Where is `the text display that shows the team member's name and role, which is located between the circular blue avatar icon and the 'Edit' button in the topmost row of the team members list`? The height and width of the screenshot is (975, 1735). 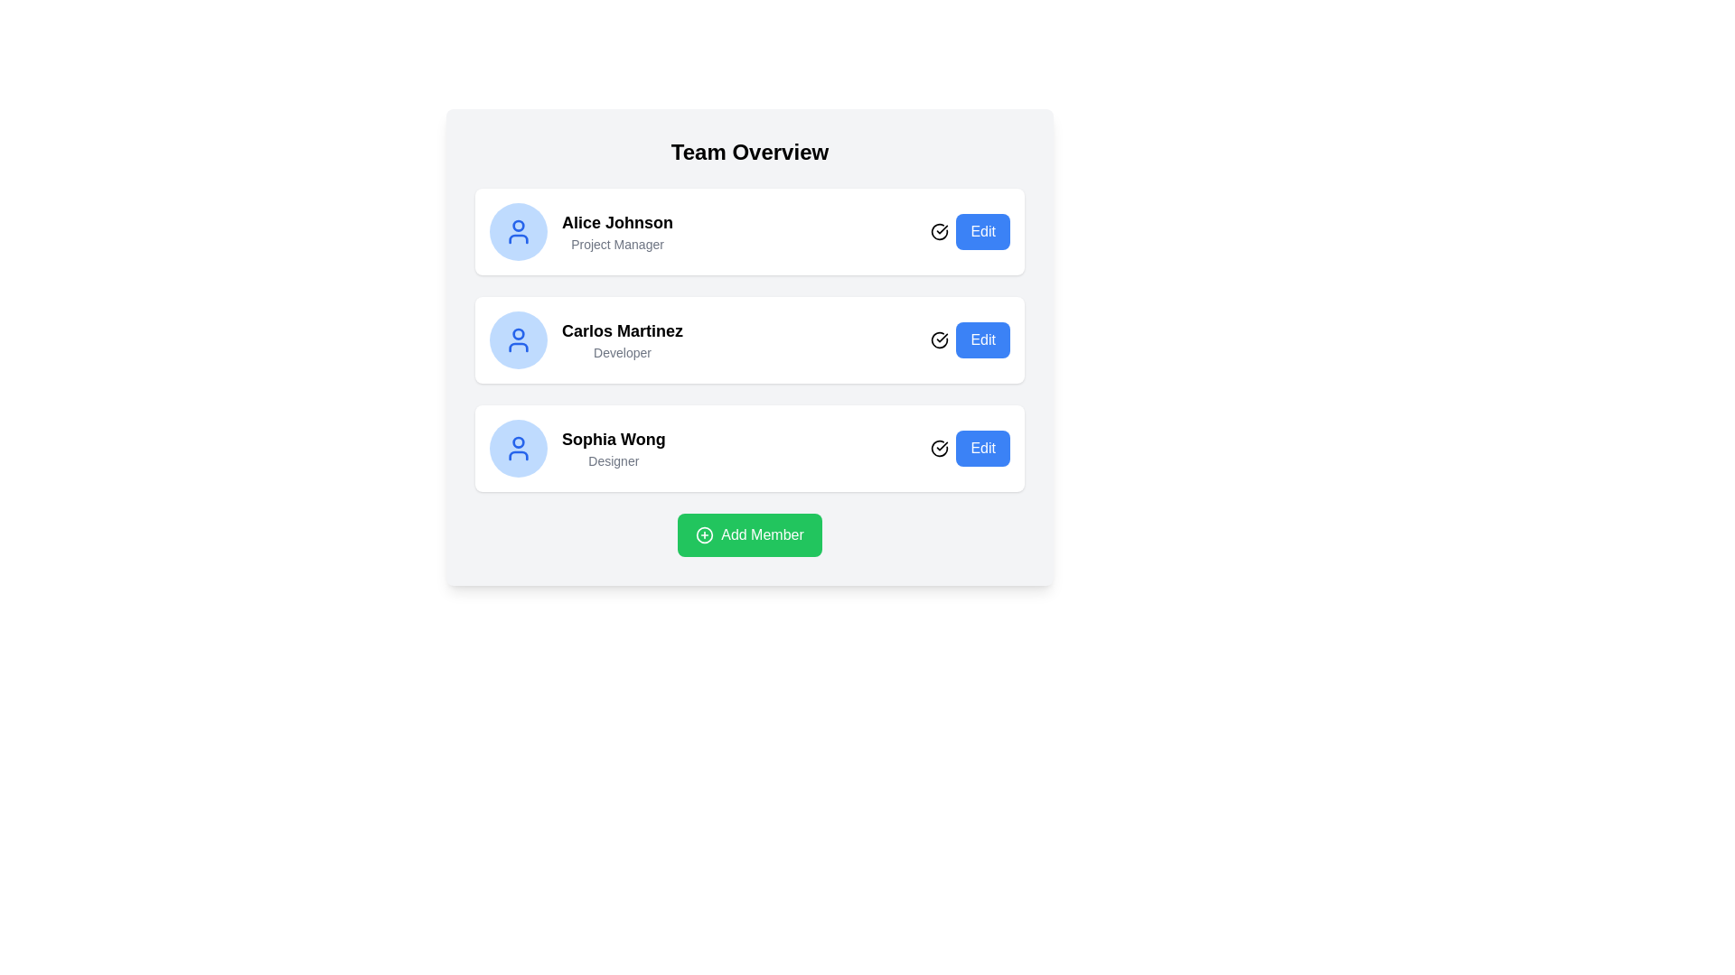
the text display that shows the team member's name and role, which is located between the circular blue avatar icon and the 'Edit' button in the topmost row of the team members list is located at coordinates (617, 231).